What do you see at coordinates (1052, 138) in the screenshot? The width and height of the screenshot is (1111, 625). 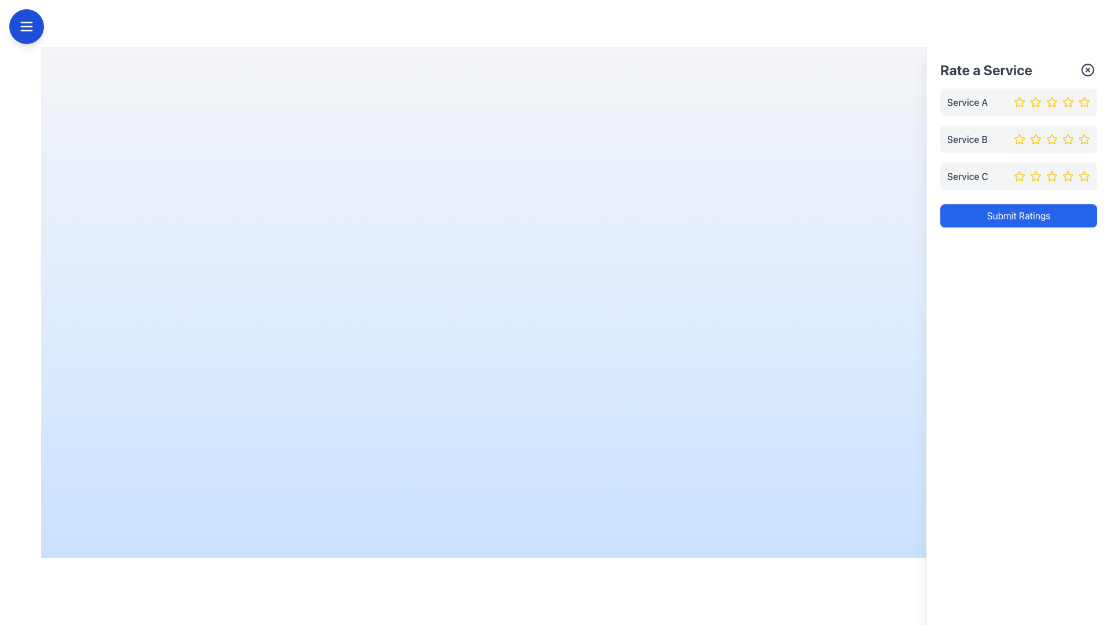 I see `the third star in the 'Rate a Service' section associated with 'Service B' to set a rating` at bounding box center [1052, 138].